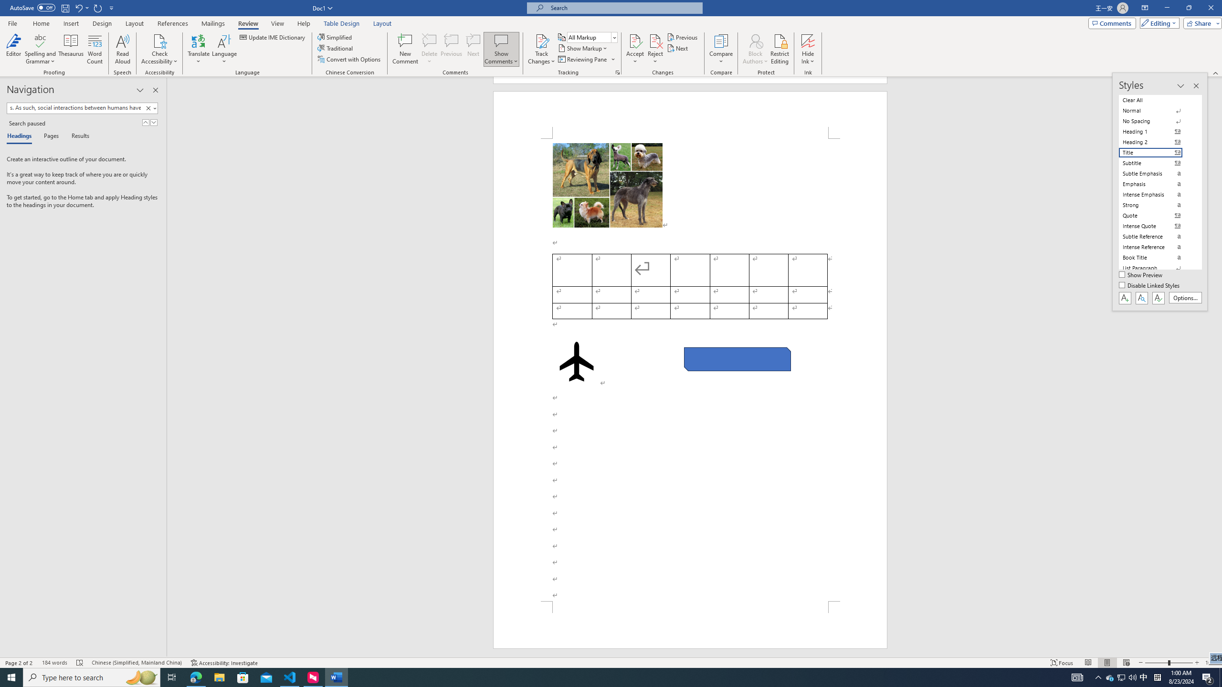 This screenshot has height=687, width=1222. I want to click on 'Emphasis', so click(1156, 183).